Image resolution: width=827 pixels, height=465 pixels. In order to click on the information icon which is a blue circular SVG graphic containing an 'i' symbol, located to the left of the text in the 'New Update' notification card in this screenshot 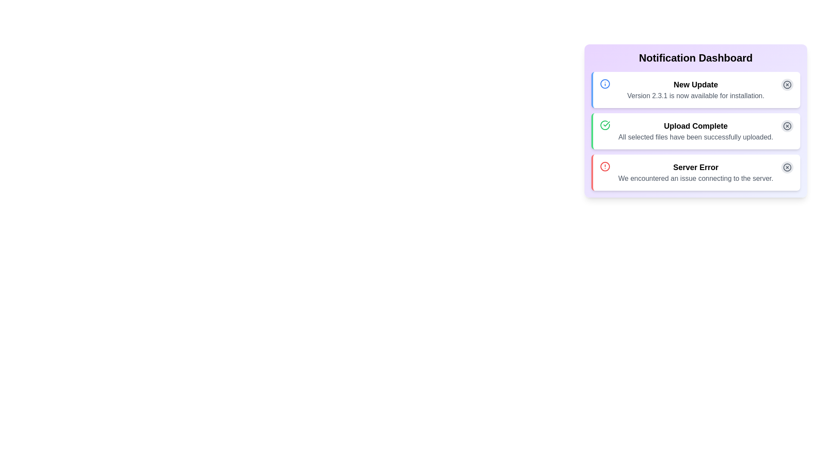, I will do `click(605, 84)`.